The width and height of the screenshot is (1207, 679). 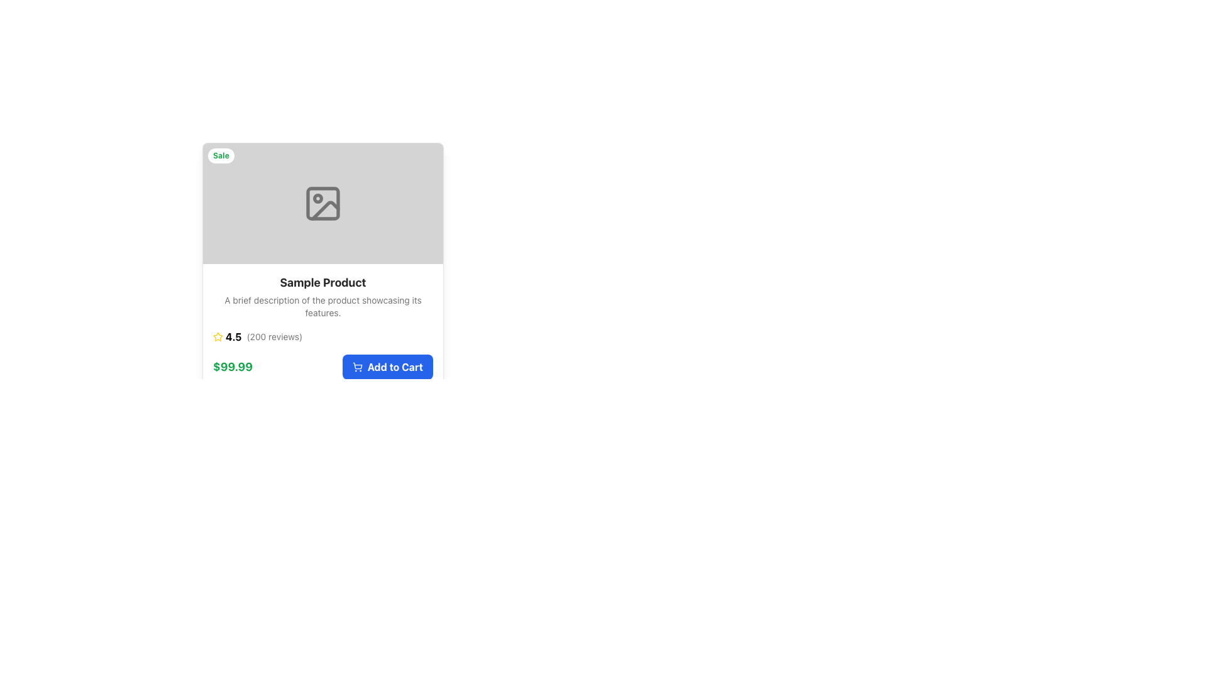 I want to click on the shopping cart icon, which is a minimalistic wireframe design located to the left of the 'Add to Cart' text on a blue rounded button at the bottom-right of the card layout, so click(x=356, y=367).